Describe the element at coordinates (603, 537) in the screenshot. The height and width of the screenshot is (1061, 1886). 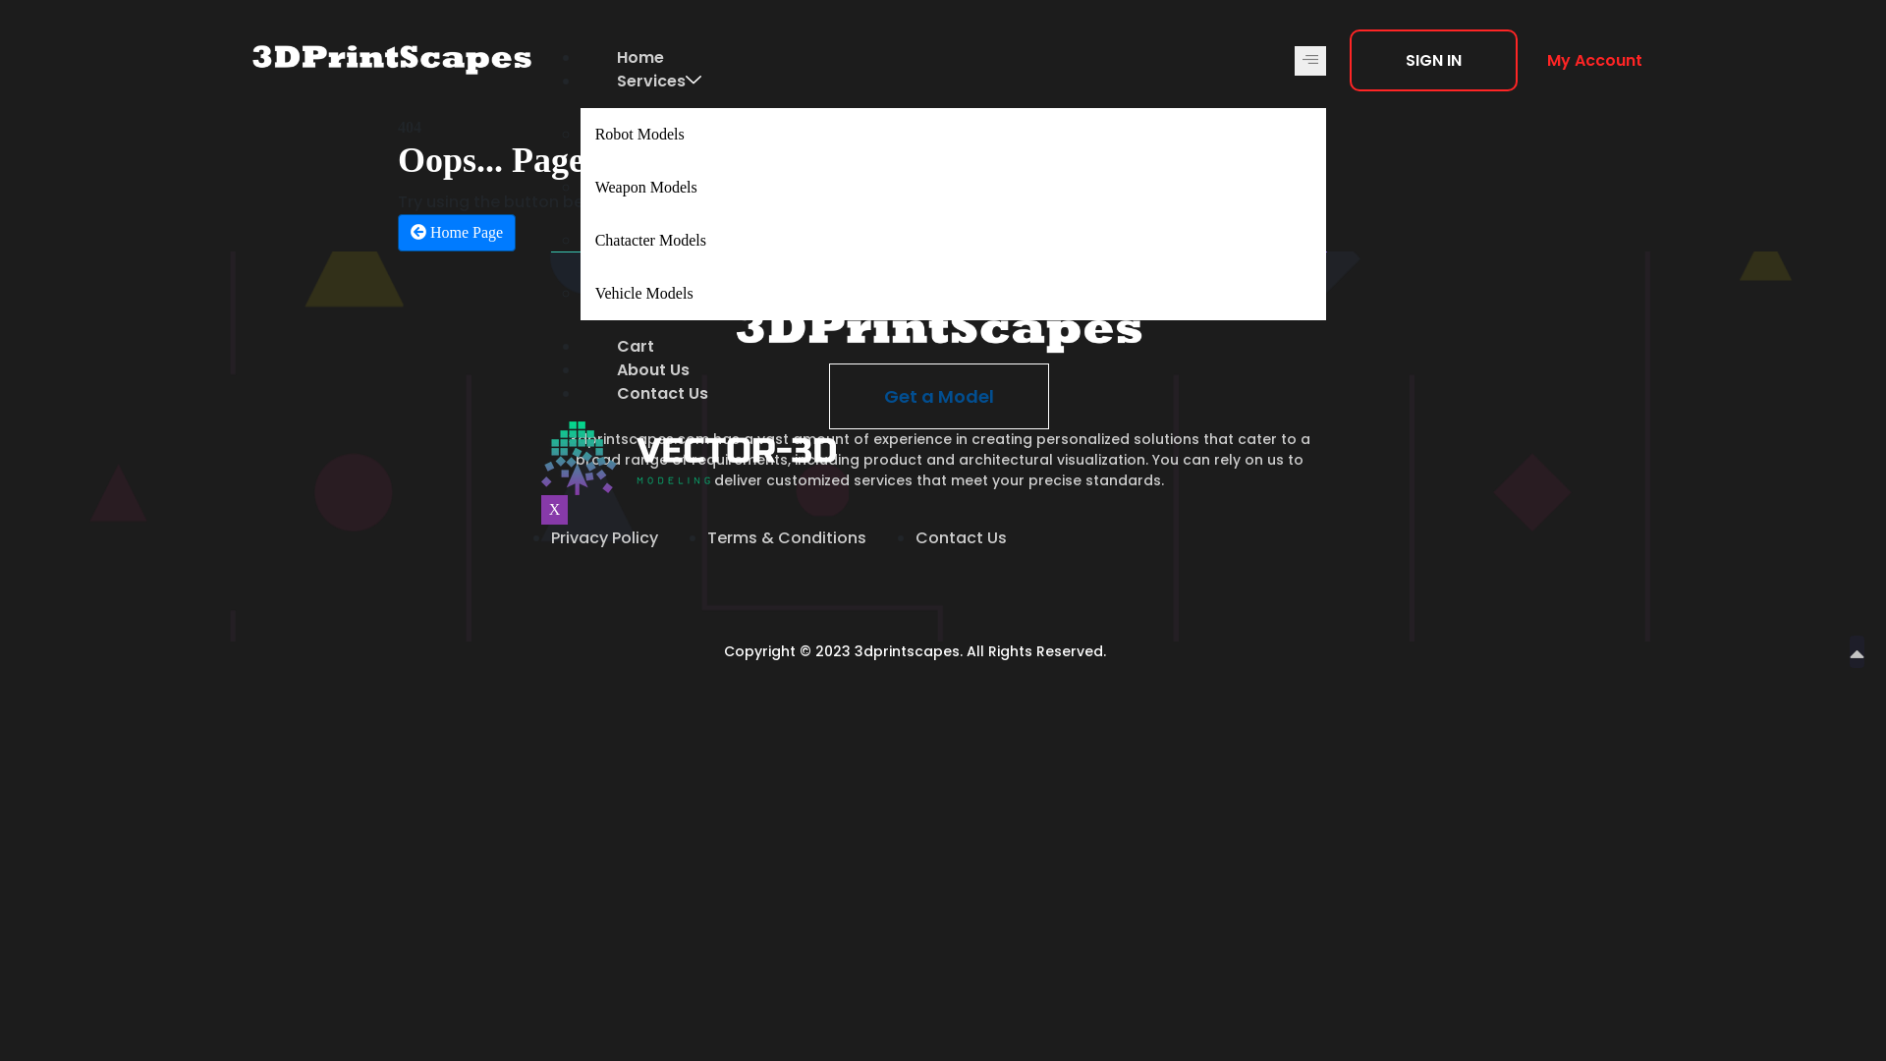
I see `'Privacy Policy'` at that location.